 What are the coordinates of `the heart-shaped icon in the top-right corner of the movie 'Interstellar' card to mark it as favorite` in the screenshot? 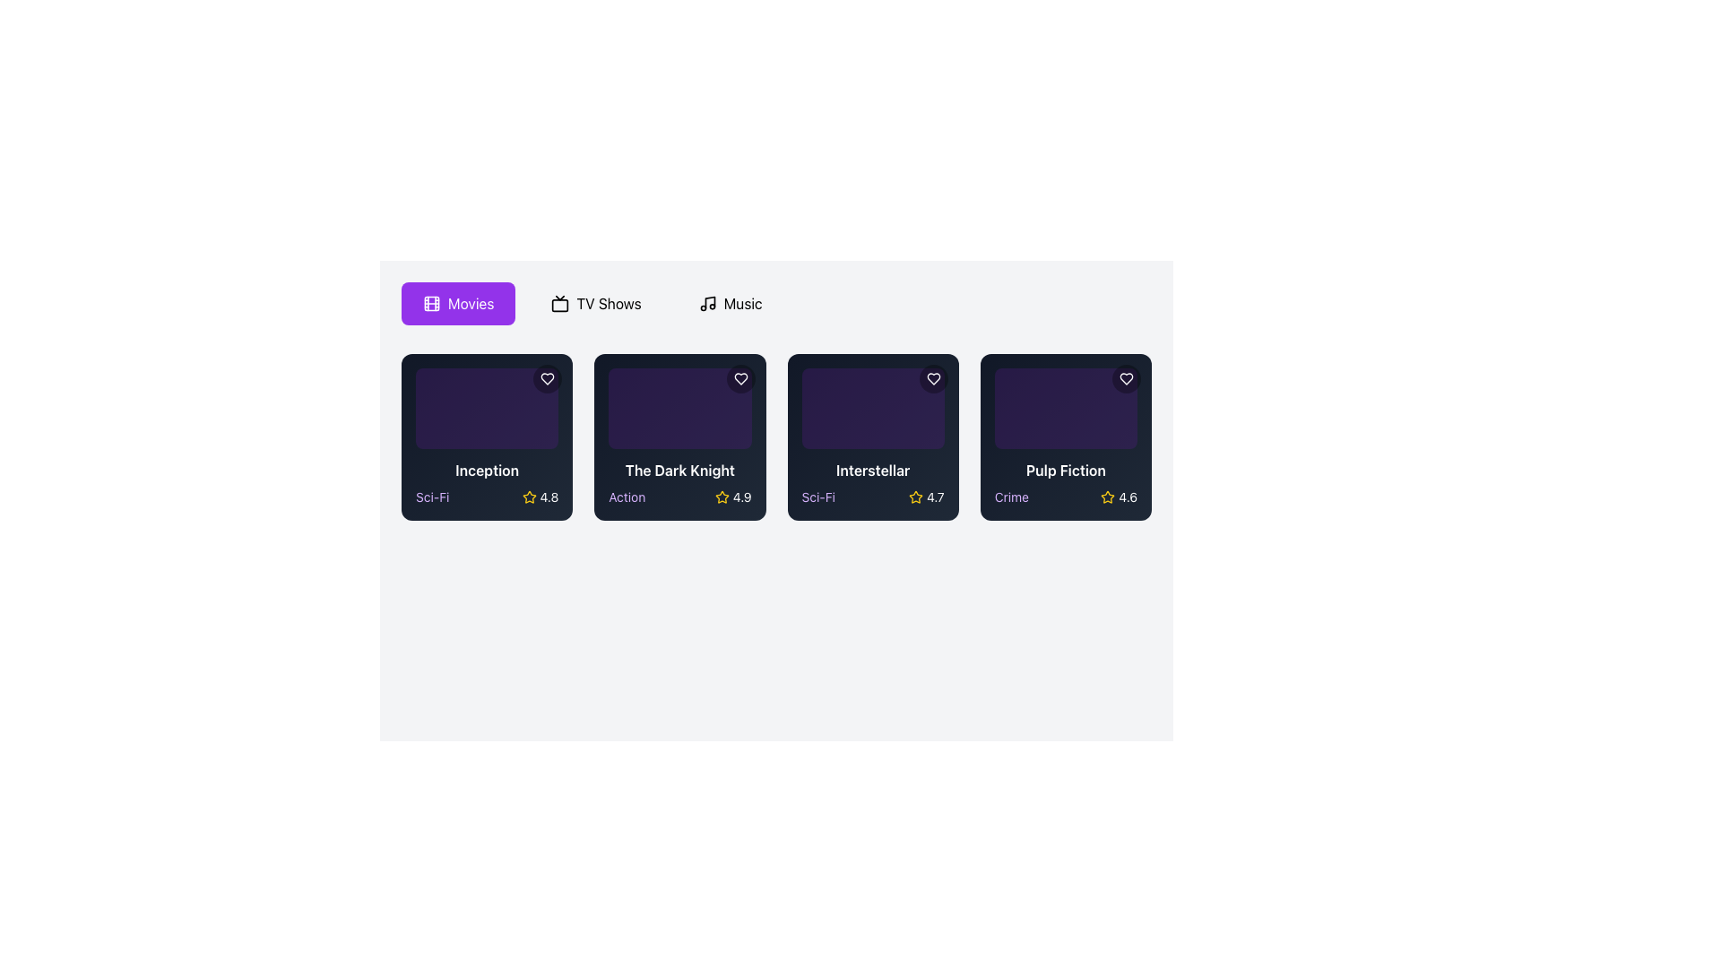 It's located at (932, 378).